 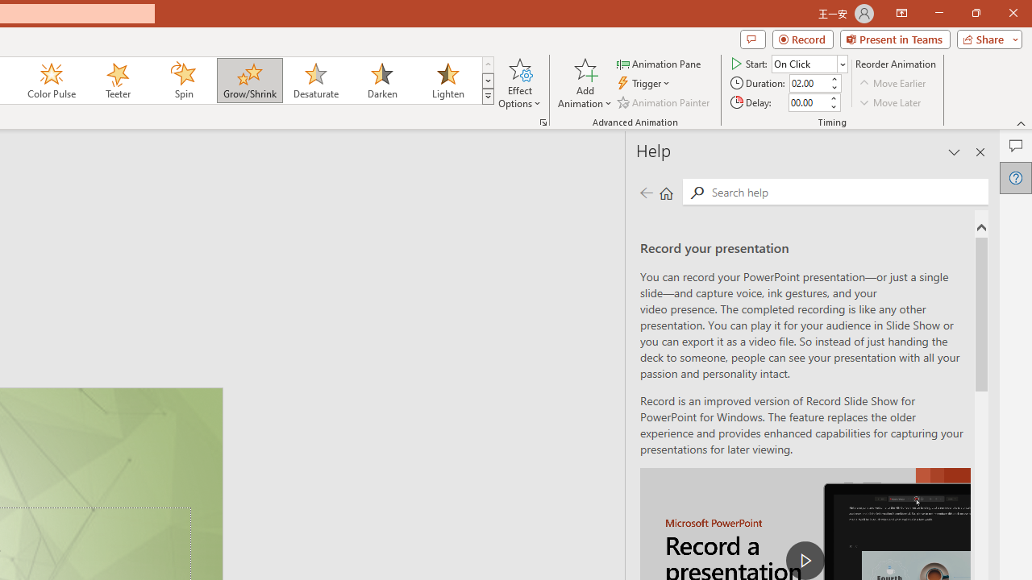 I want to click on 'Darken', so click(x=381, y=81).